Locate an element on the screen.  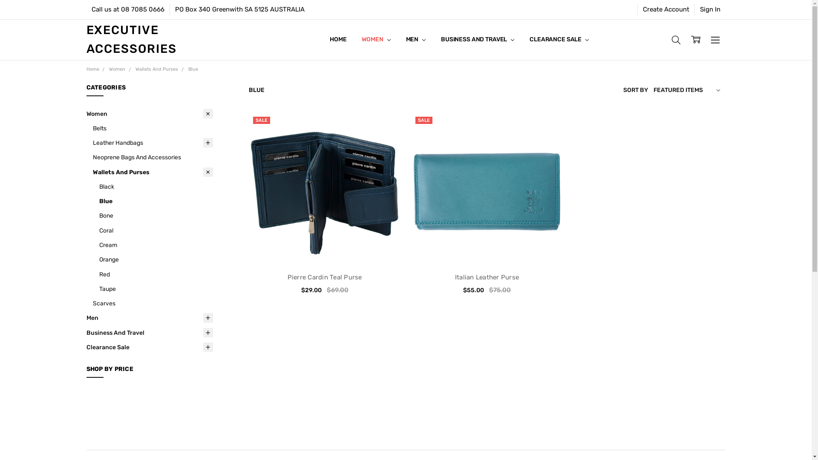
'PO Box 340 Greenwith SA 5125 AUSTRALIA' is located at coordinates (239, 9).